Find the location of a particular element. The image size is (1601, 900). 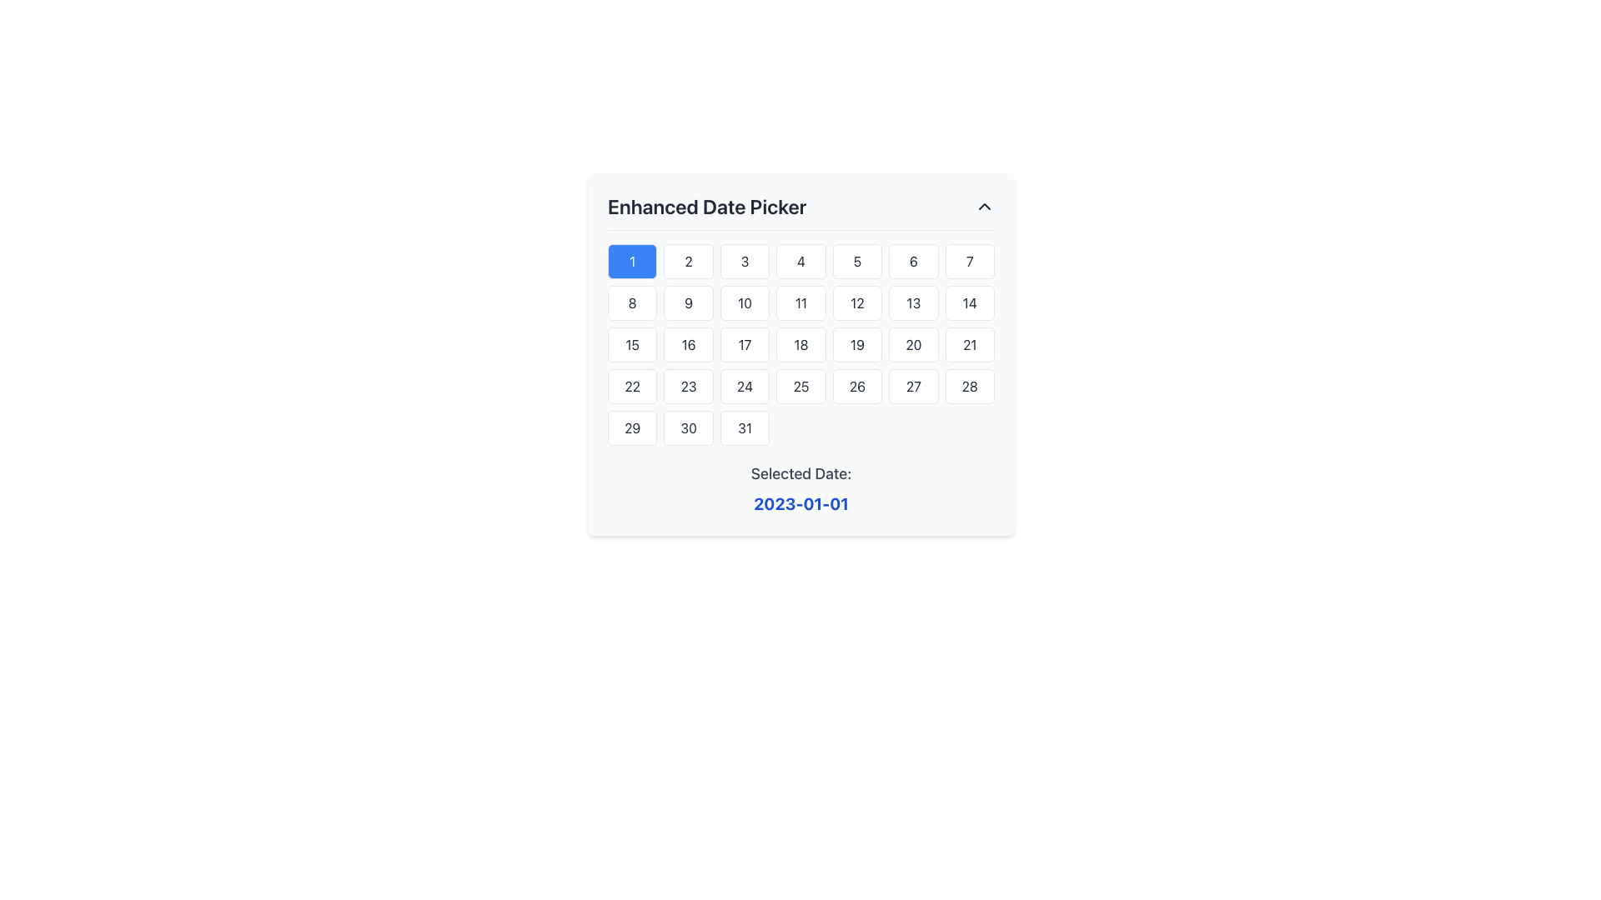

the button displaying the number '14' in the second row and seventh column of the grid in the date picker is located at coordinates (970, 302).